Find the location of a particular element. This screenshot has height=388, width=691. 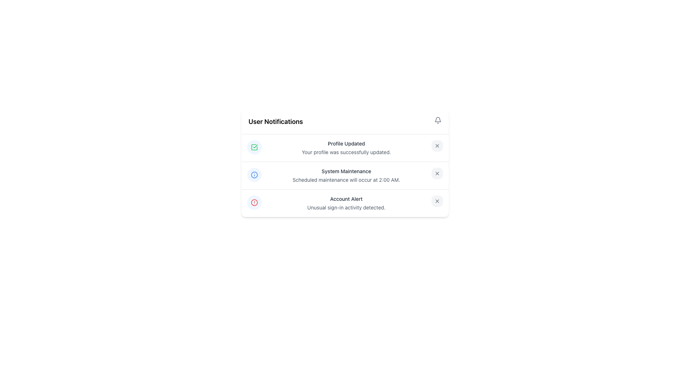

the Notification card which alerts the user about unusual sign-in activity, located as the third item in a vertically stacked list of notifications is located at coordinates (344, 203).